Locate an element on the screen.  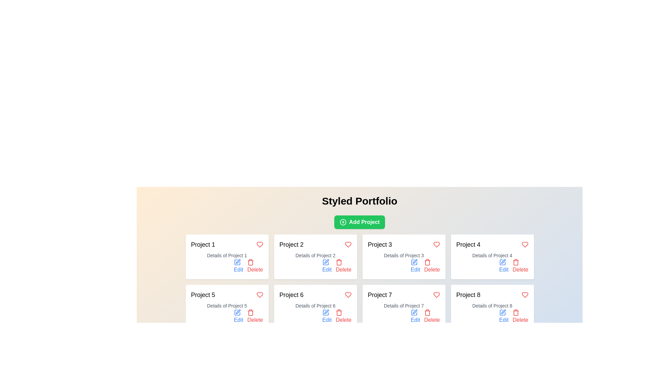
text label that serves as the title for the project, positioned in the grid layout as the second item in the first row, between 'Project 1' and 'Project 3', under 'Styled Portfolio' is located at coordinates (291, 245).